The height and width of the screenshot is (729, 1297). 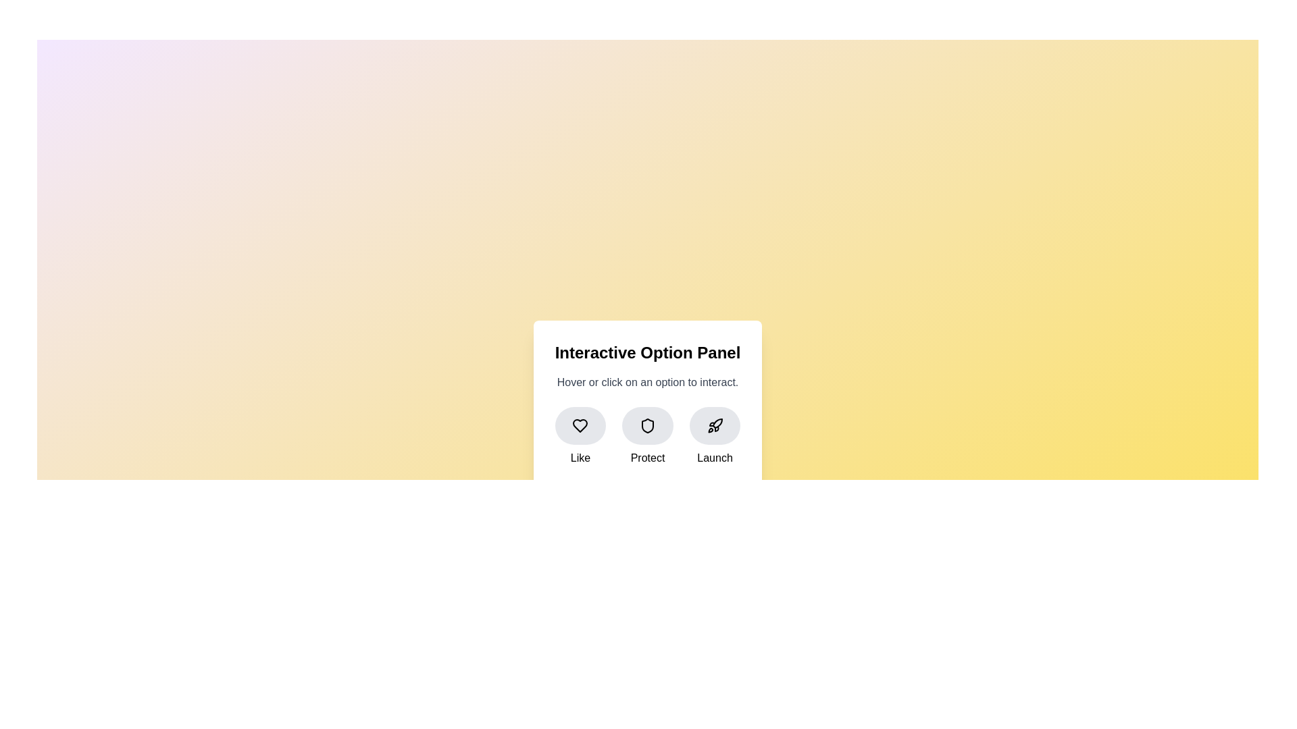 I want to click on the heart-shaped icon inside the circular 'Like' button located in the lower left section of the interactive panel, so click(x=580, y=426).